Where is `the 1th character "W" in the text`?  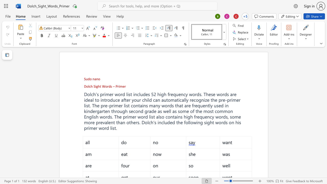 the 1th character "W" in the text is located at coordinates (103, 86).